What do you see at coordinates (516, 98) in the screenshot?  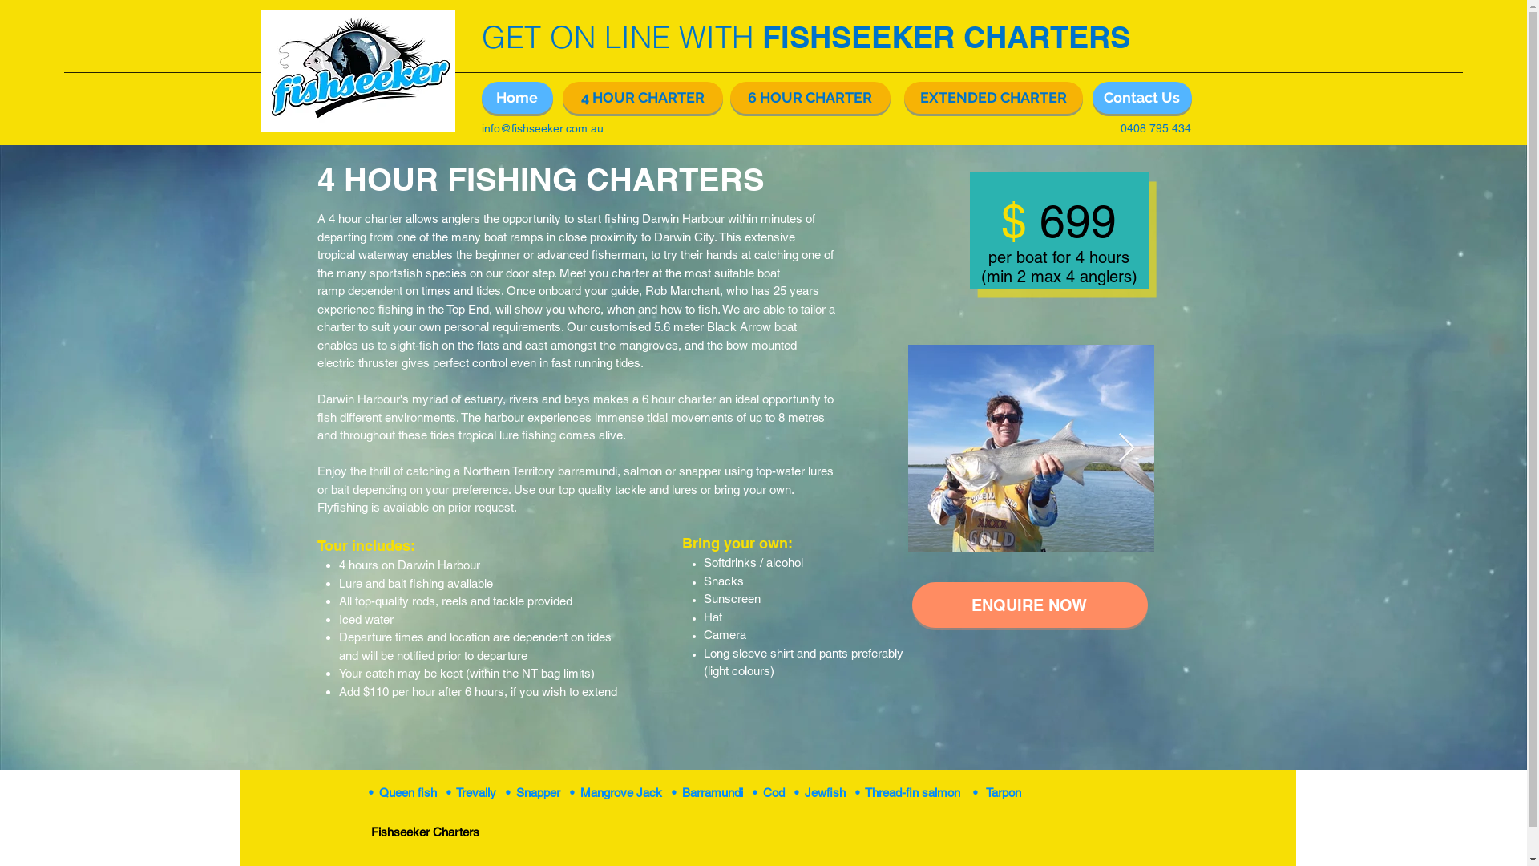 I see `'Home'` at bounding box center [516, 98].